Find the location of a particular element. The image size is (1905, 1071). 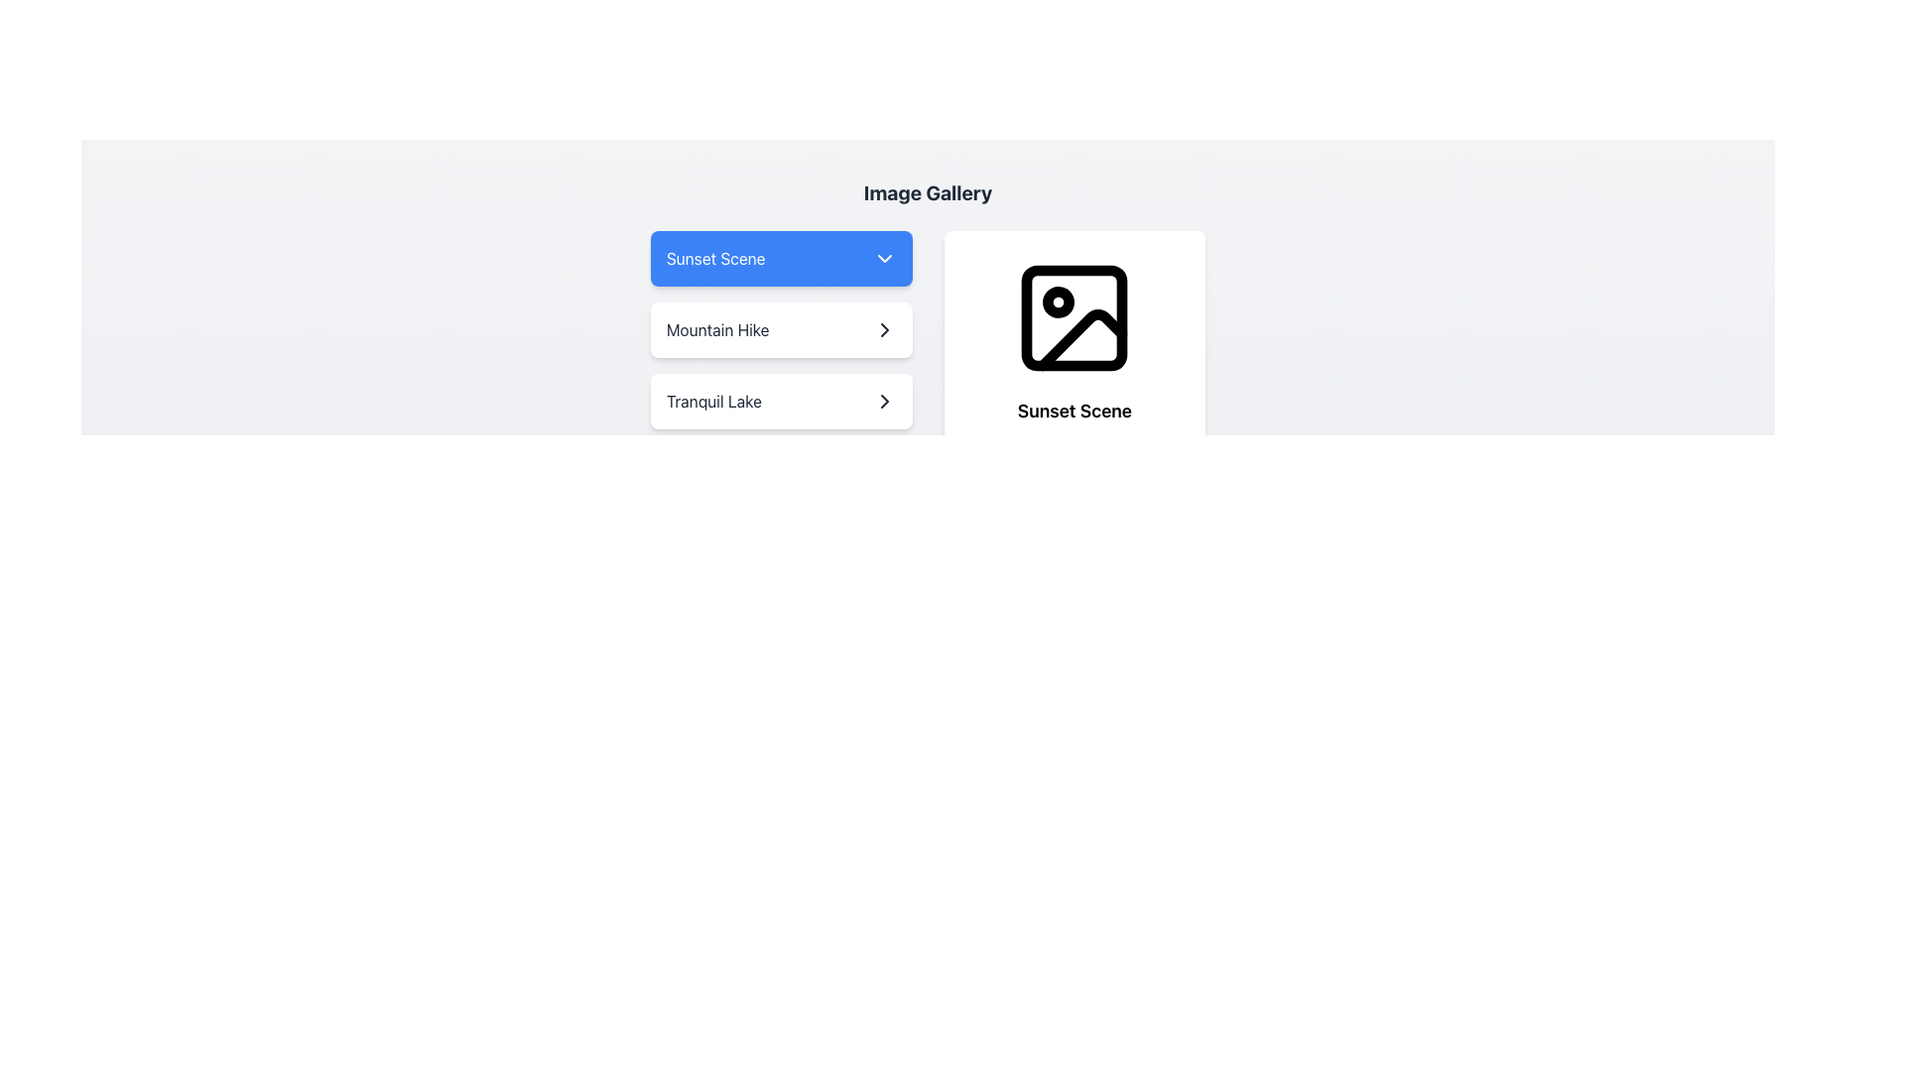

the downward-pointing chevron icon at the far right end of the 'Sunset Scene' button is located at coordinates (883, 258).